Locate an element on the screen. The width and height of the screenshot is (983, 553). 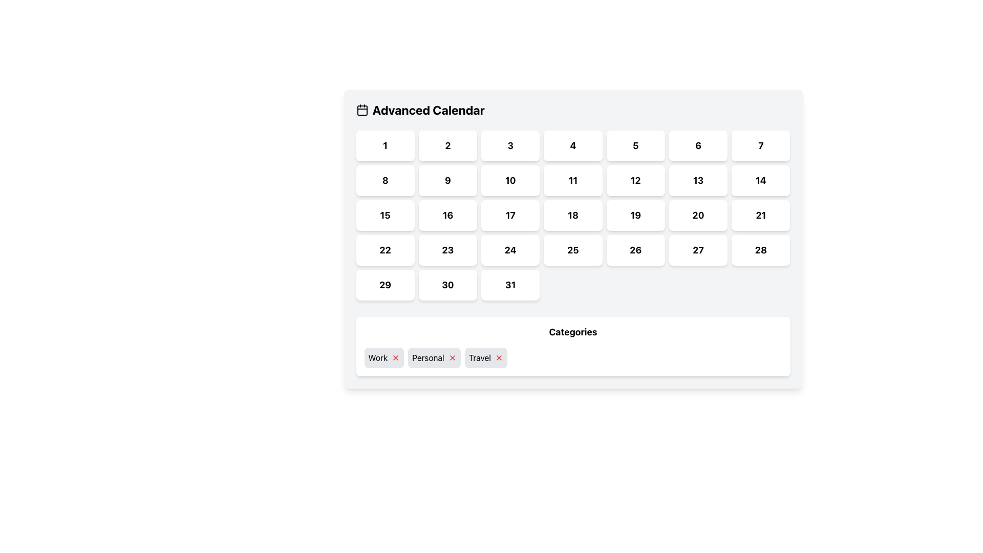
the 'Personal' label, which is displayed in a bold font on a light gray background and is the second element in a horizontal segmented UI group is located at coordinates (428, 357).